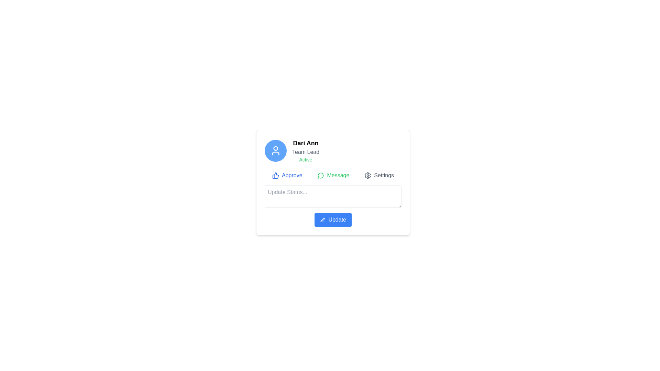 This screenshot has height=371, width=660. Describe the element at coordinates (275, 150) in the screenshot. I see `the user avatar, which is a circular icon with a blue background and a white user silhouette, located on the left side of the profile information for 'Dari Ann', the Team Lead` at that location.